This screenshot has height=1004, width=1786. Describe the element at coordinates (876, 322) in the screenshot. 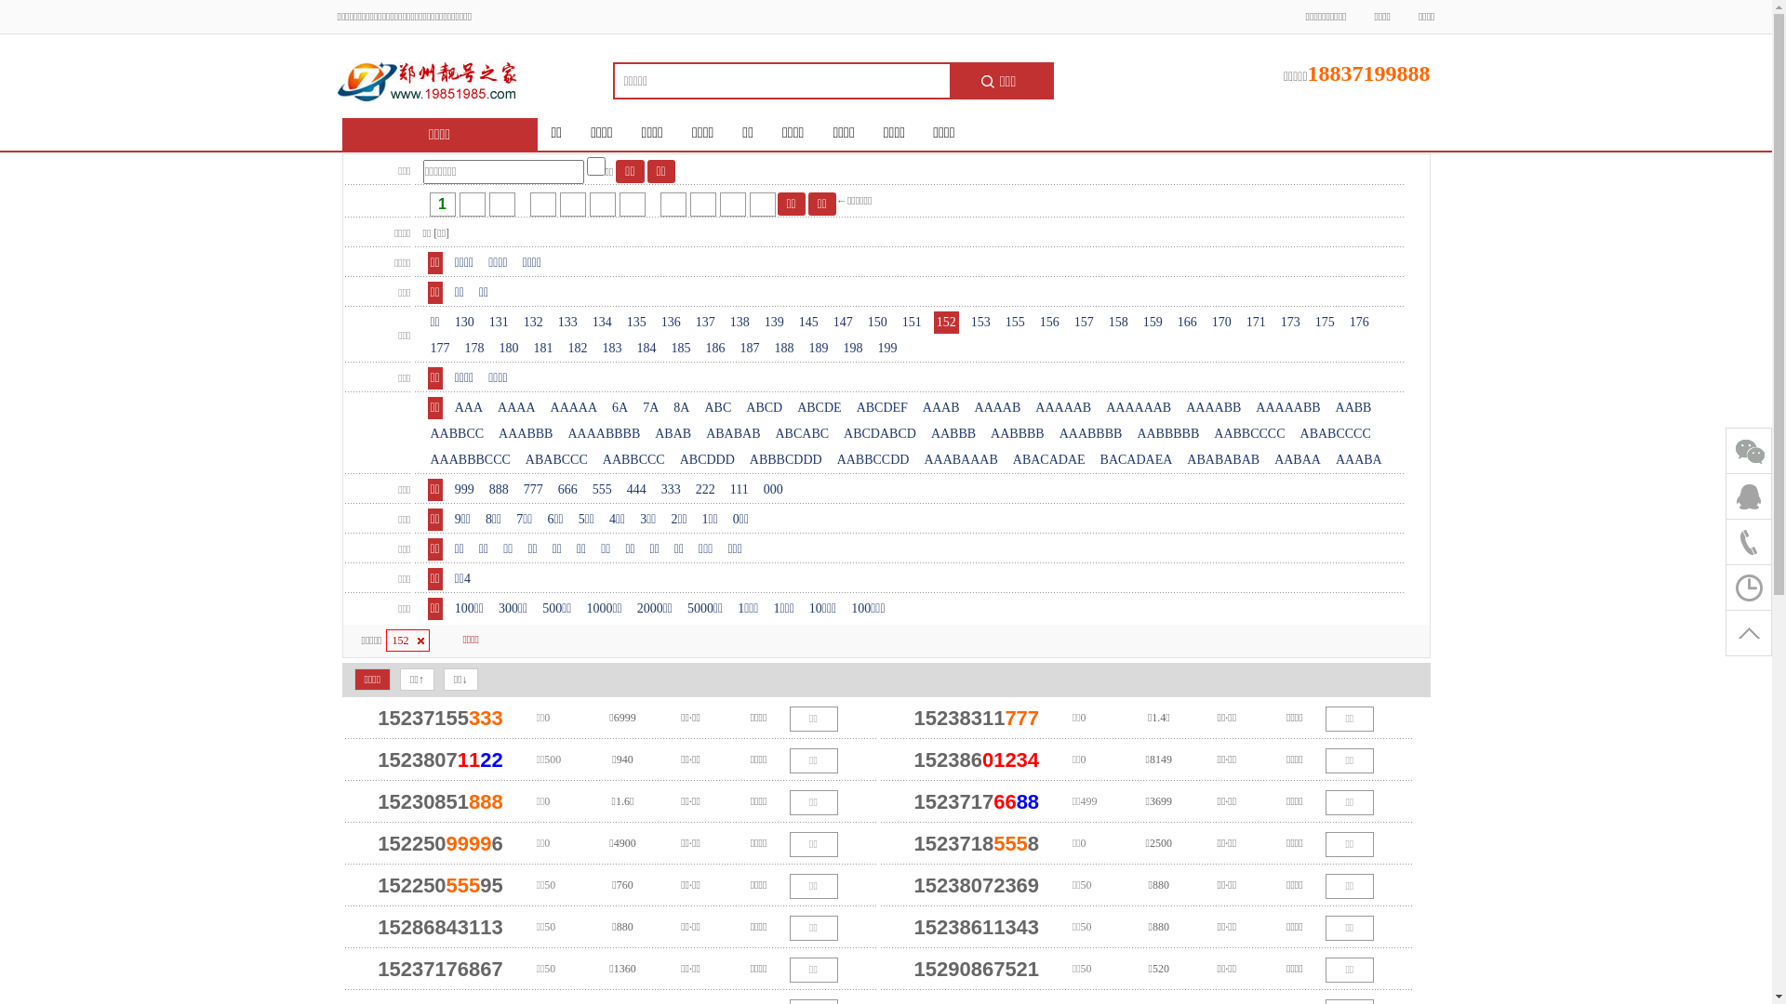

I see `'150'` at that location.